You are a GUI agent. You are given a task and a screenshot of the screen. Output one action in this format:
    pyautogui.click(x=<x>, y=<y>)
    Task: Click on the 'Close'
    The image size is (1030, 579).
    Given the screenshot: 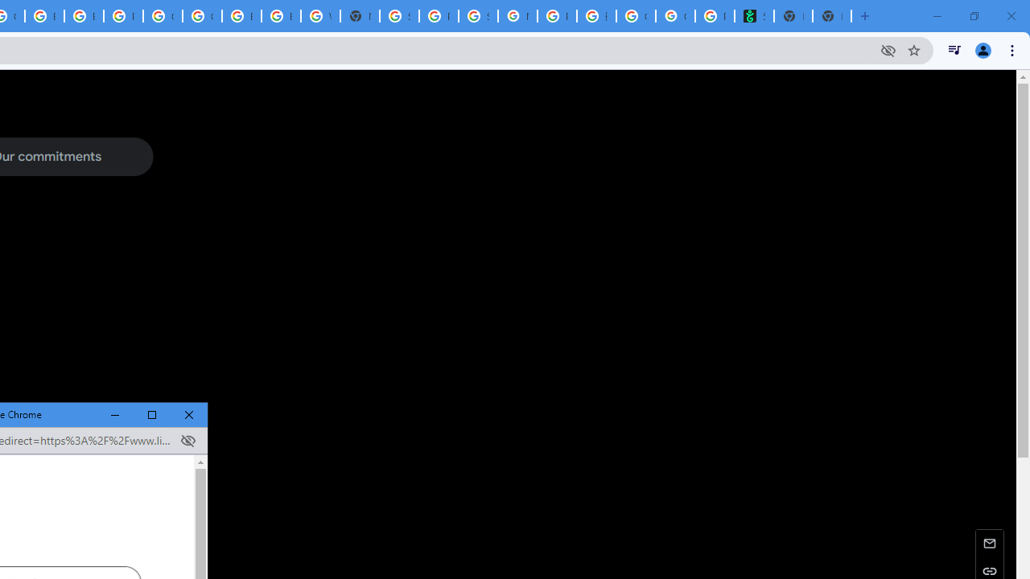 What is the action you would take?
    pyautogui.click(x=189, y=414)
    